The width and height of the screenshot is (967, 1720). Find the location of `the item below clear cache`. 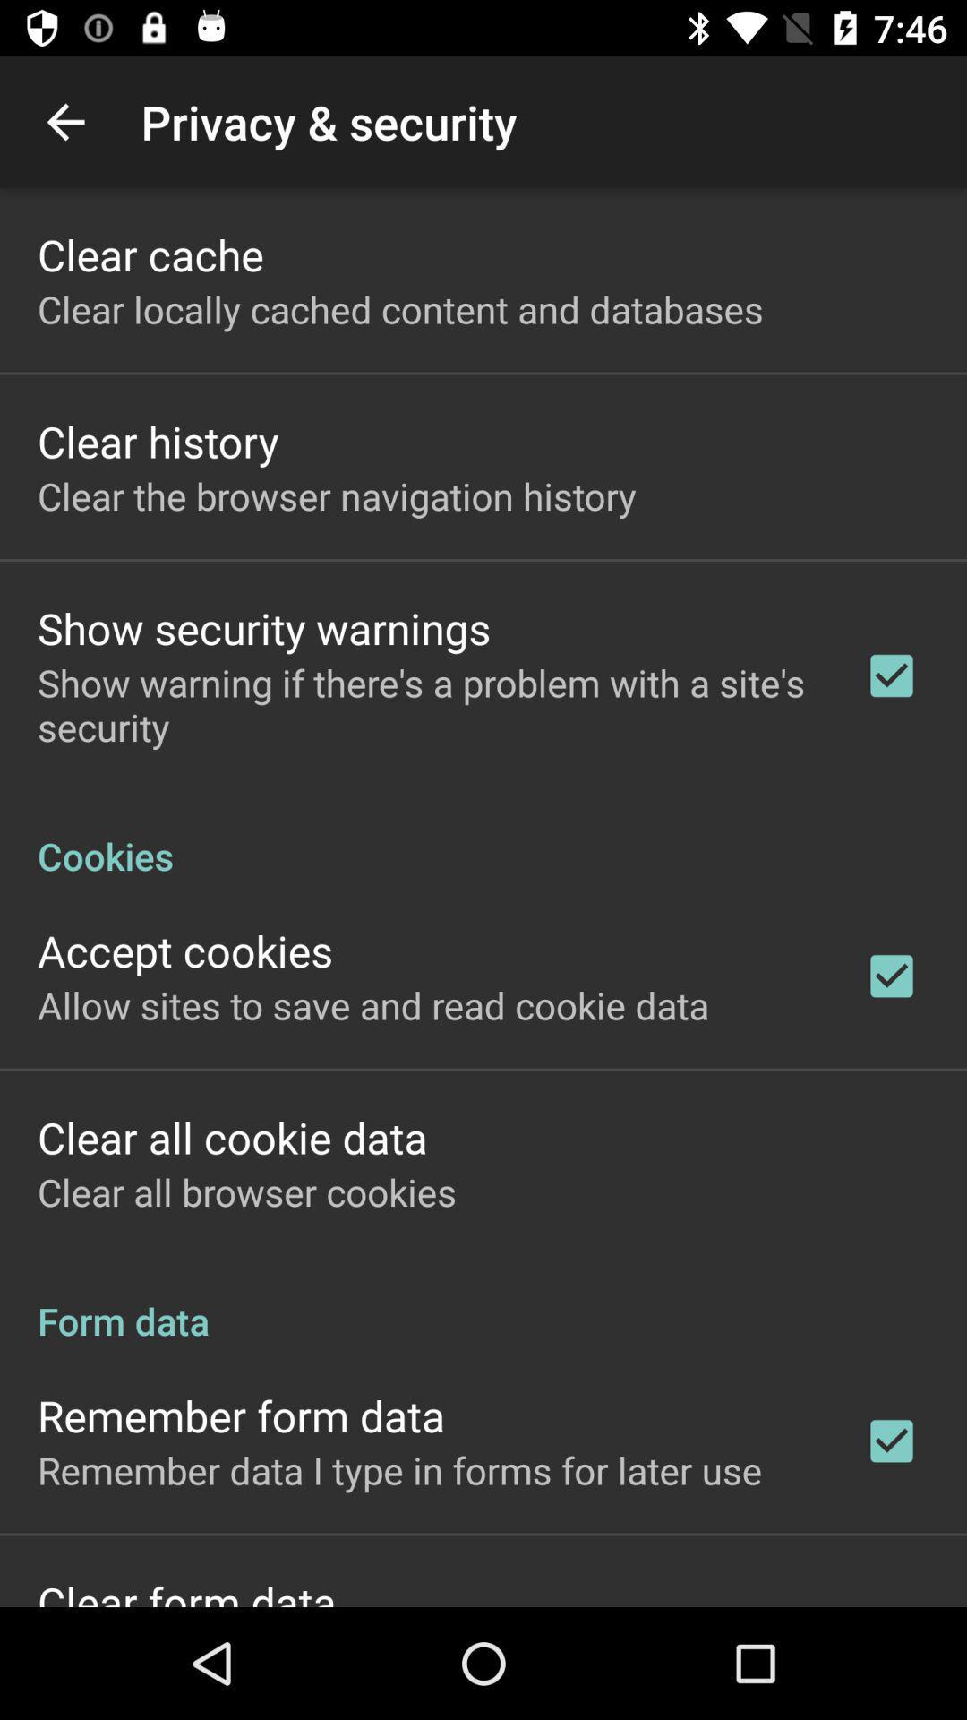

the item below clear cache is located at coordinates (399, 309).